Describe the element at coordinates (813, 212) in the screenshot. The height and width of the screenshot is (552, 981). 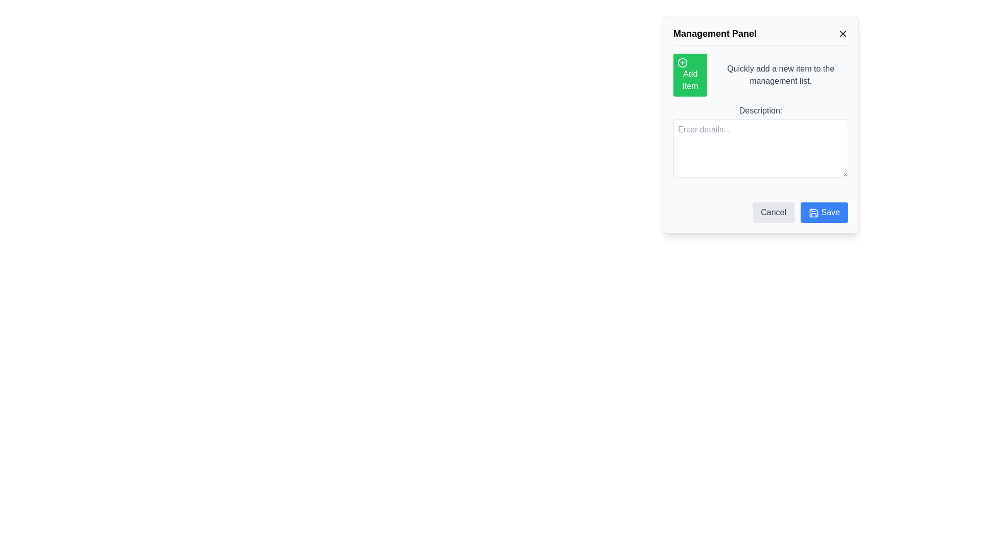
I see `the save icon located within the 'Save' button at the bottom-right of the popup dialog panel to potentially see a tooltip` at that location.